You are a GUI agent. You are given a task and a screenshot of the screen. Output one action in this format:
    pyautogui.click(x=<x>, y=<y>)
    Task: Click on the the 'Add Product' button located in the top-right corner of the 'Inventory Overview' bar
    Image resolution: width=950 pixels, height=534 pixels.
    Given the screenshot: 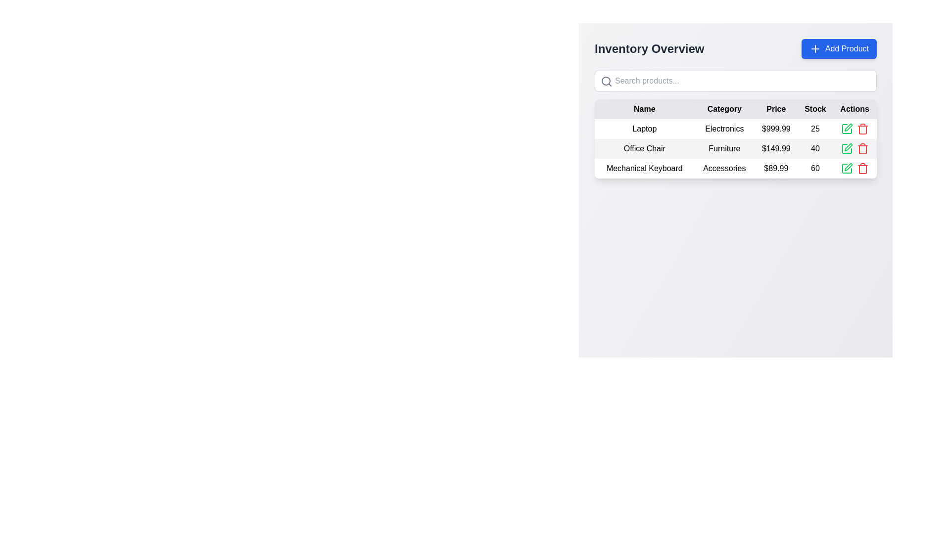 What is the action you would take?
    pyautogui.click(x=838, y=49)
    